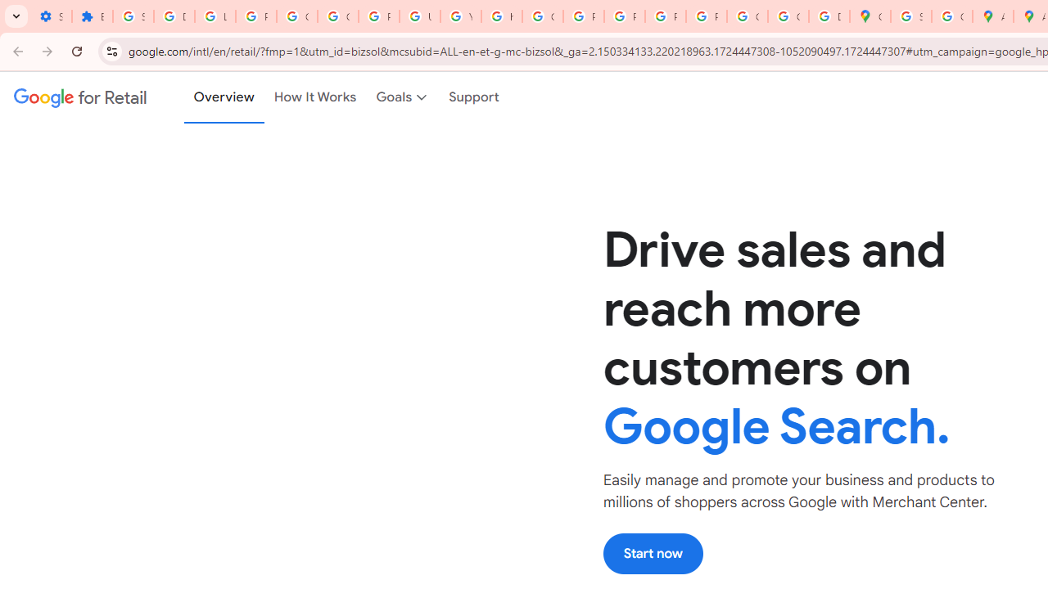 The image size is (1048, 589). What do you see at coordinates (51, 16) in the screenshot?
I see `'Settings - On startup'` at bounding box center [51, 16].